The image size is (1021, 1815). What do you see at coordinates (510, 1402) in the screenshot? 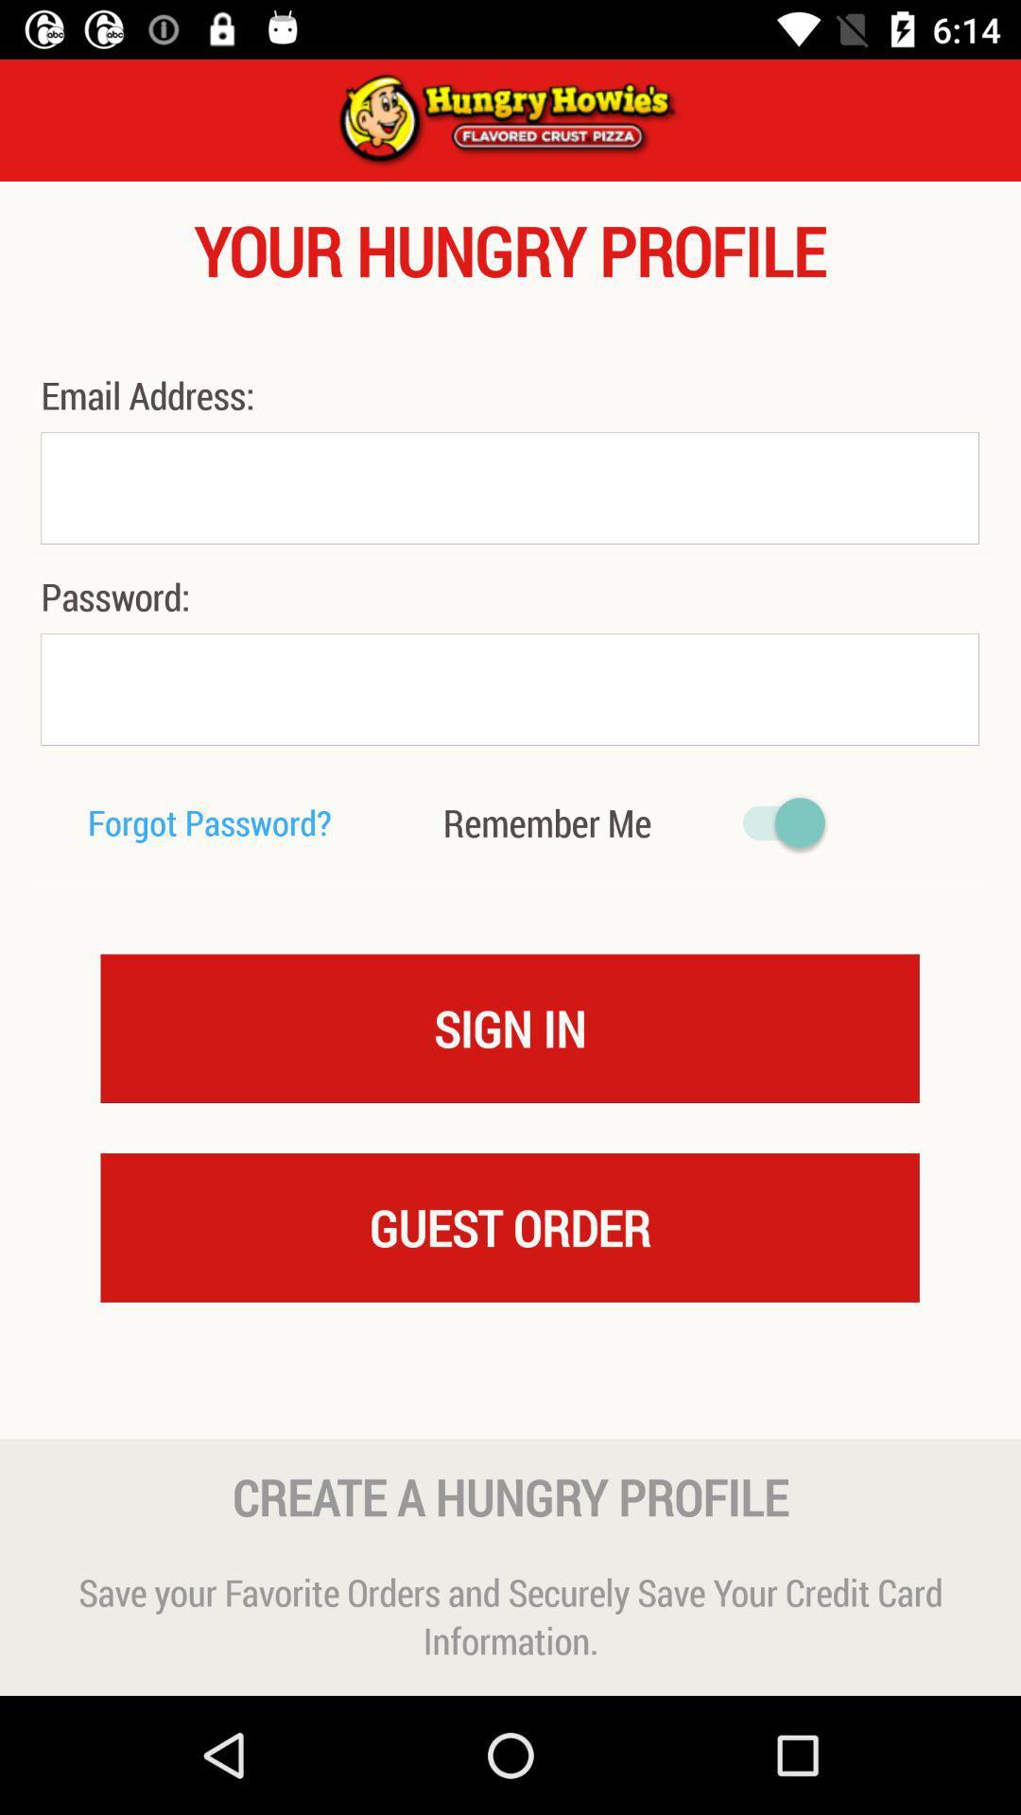
I see `icon below guest order item` at bounding box center [510, 1402].